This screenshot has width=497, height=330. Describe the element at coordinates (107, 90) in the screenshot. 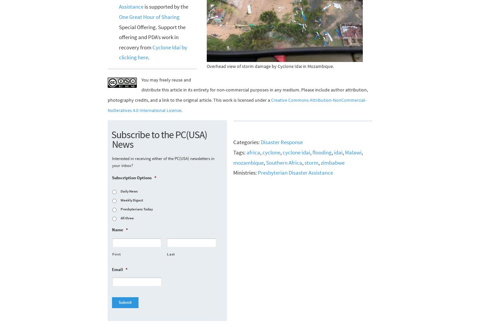

I see `'You may freely reuse and distribute this article in its entirety for non-commercial purposes in any medium. Please include author attribution, photography credits, and a link to the original article. This work is licensed under a'` at that location.